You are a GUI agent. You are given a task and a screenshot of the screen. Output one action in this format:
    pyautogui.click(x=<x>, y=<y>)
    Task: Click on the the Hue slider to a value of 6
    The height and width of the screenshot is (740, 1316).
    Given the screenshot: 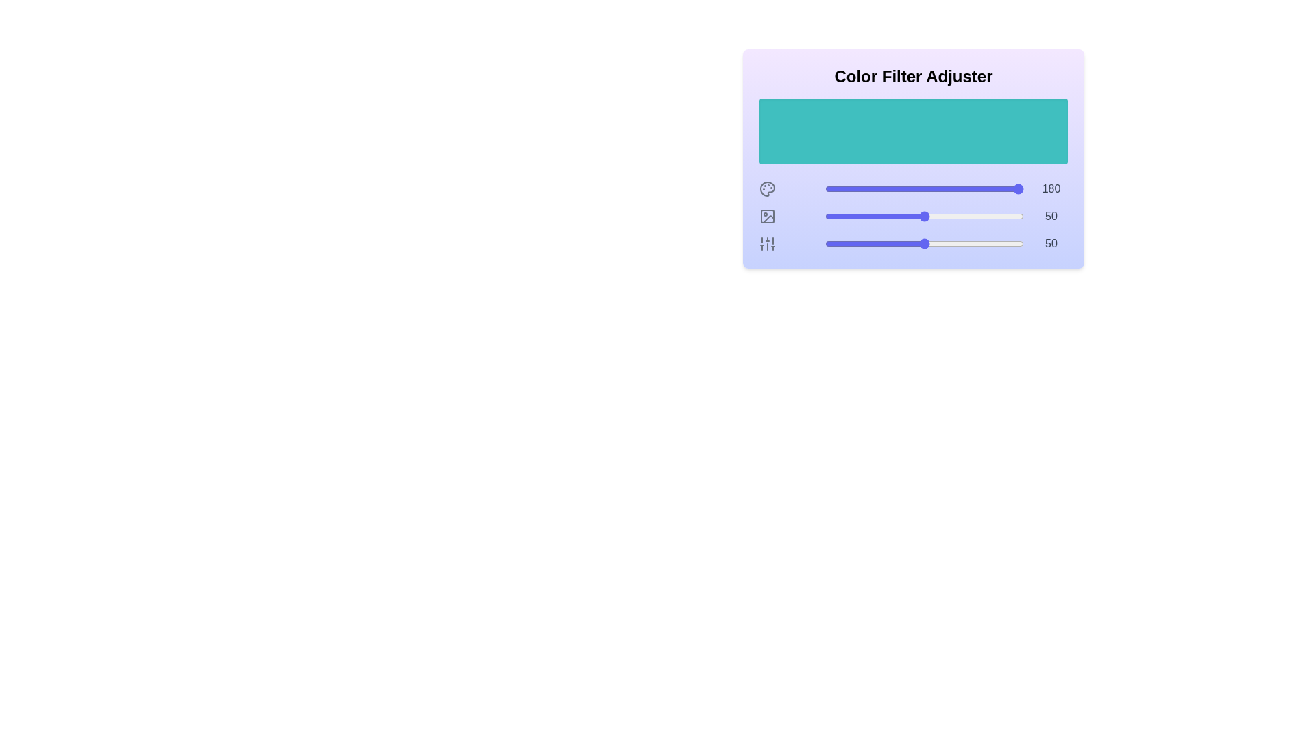 What is the action you would take?
    pyautogui.click(x=836, y=189)
    